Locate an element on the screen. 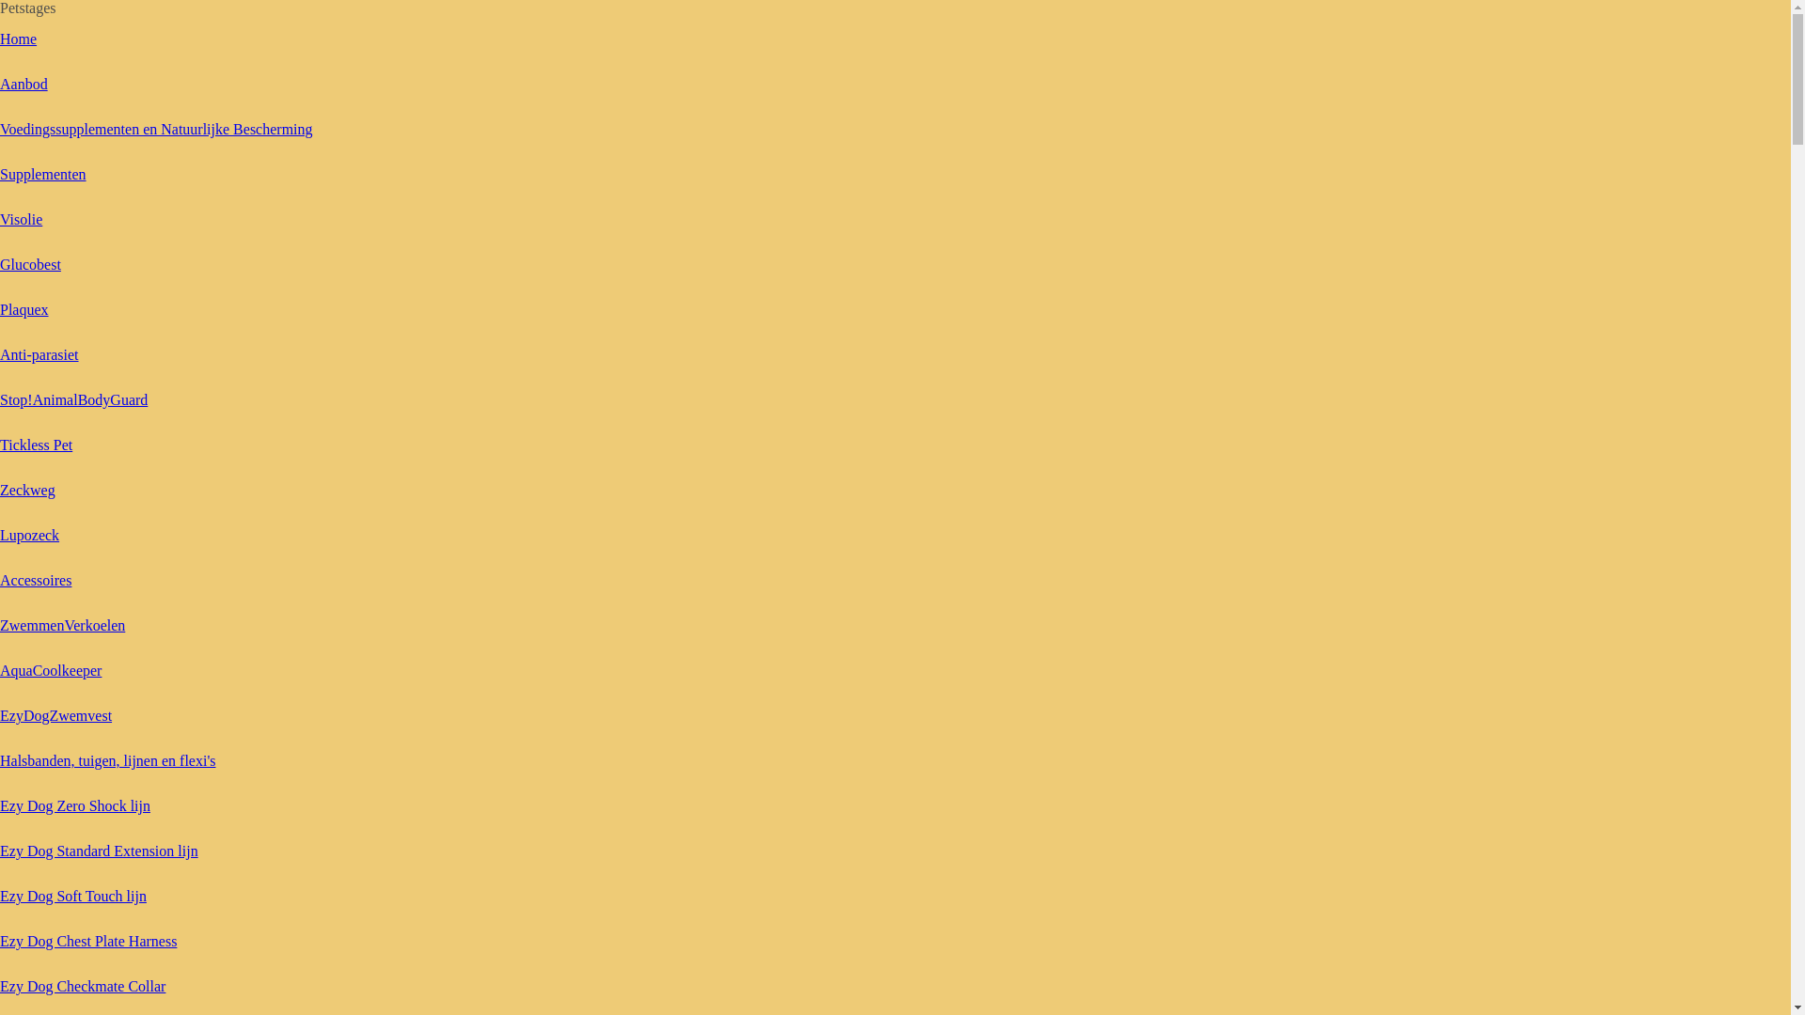 The width and height of the screenshot is (1805, 1015). 'Accessoires' is located at coordinates (36, 579).